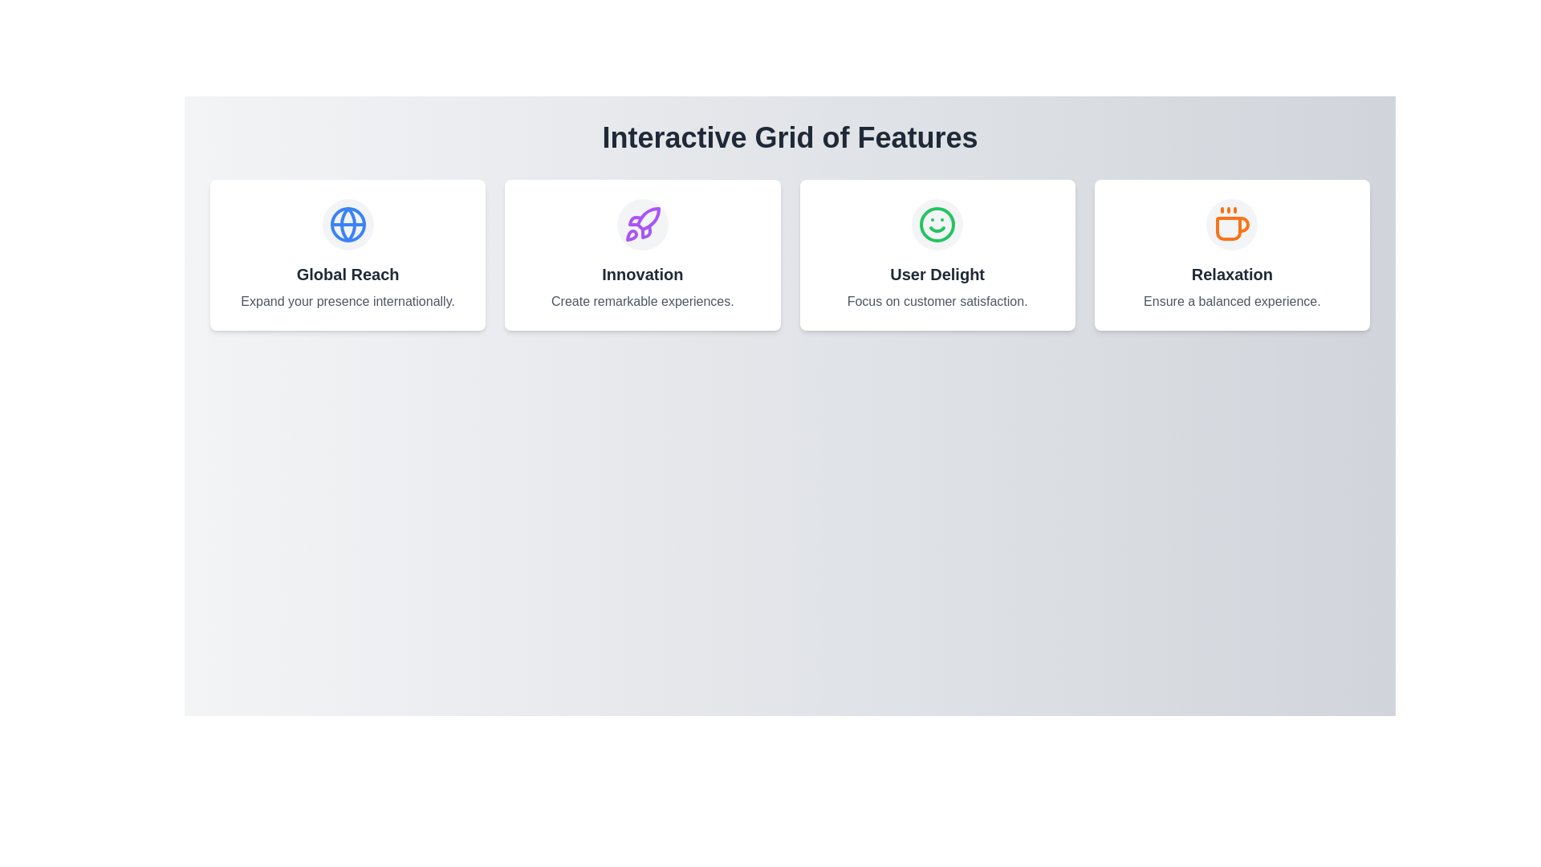 This screenshot has height=867, width=1541. Describe the element at coordinates (937, 254) in the screenshot. I see `the Informational Card located in the third column of a 4-column grid layout, which provides a description of a feature or service, emphasizing customer satisfaction` at that location.